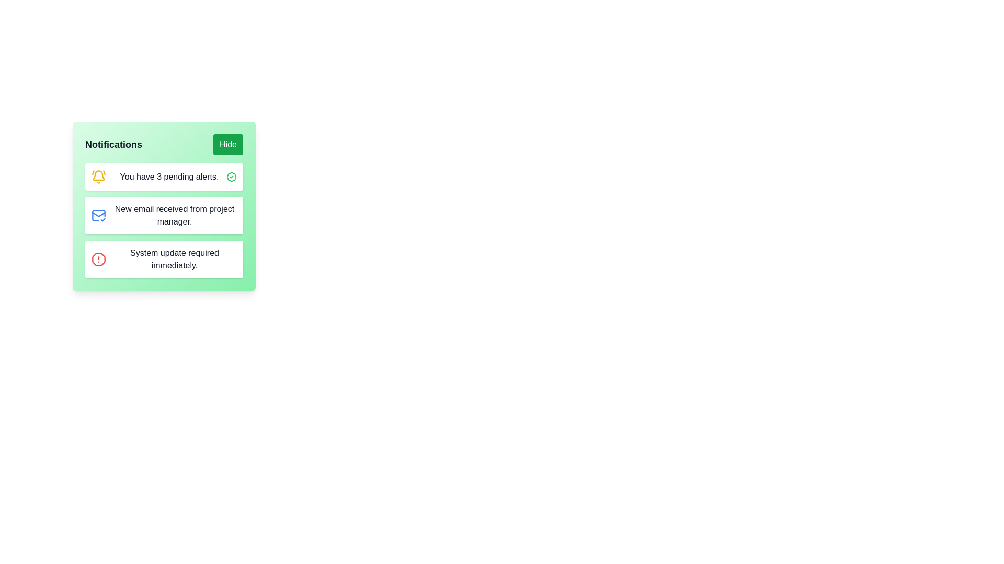  I want to click on the Text label that acts as a header for the notification section, located at the top-left corner, to provide clarity about the content below, so click(113, 145).